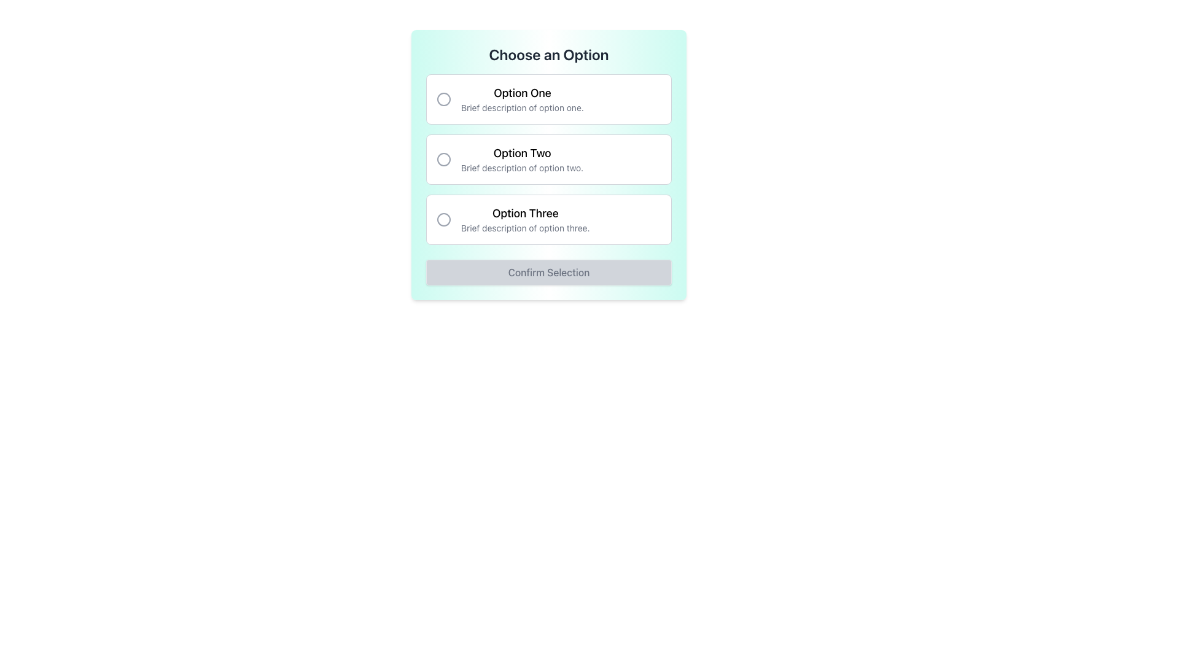 The image size is (1179, 663). Describe the element at coordinates (443, 219) in the screenshot. I see `the circular selection marker inside the 'Option Three' button to provide visual feedback` at that location.